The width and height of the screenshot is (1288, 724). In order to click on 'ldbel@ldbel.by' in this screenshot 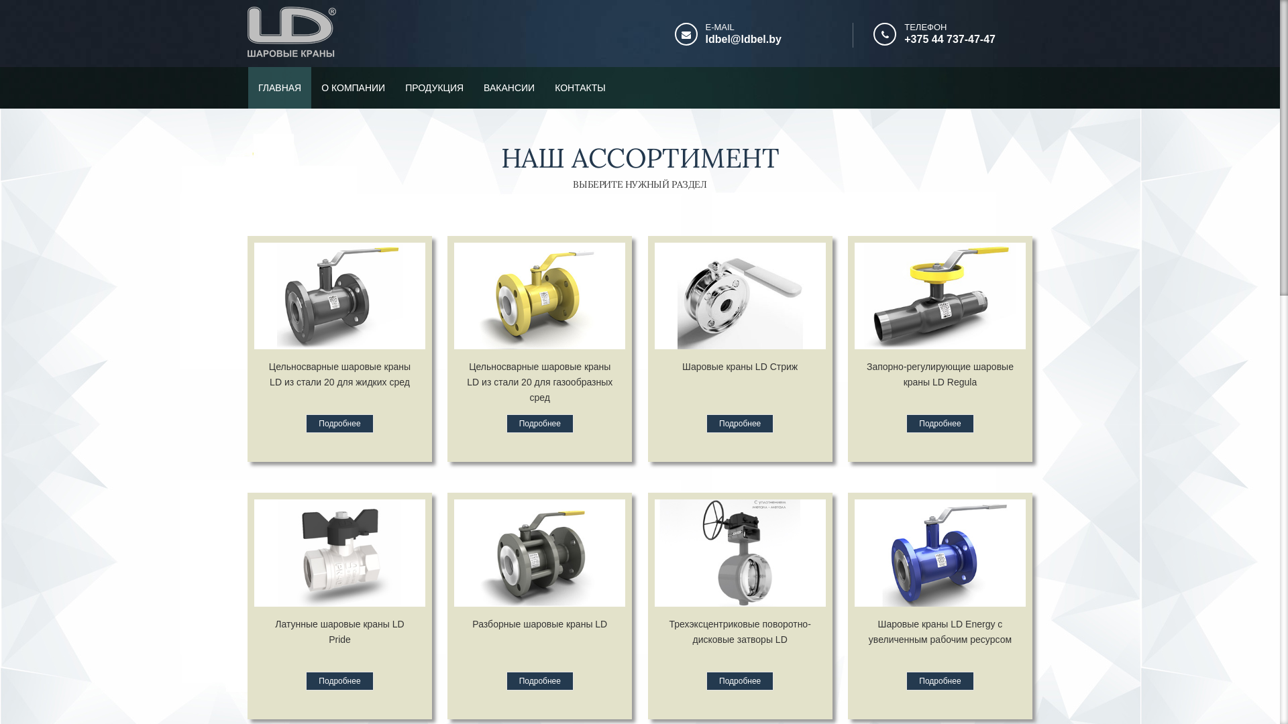, I will do `click(743, 38)`.